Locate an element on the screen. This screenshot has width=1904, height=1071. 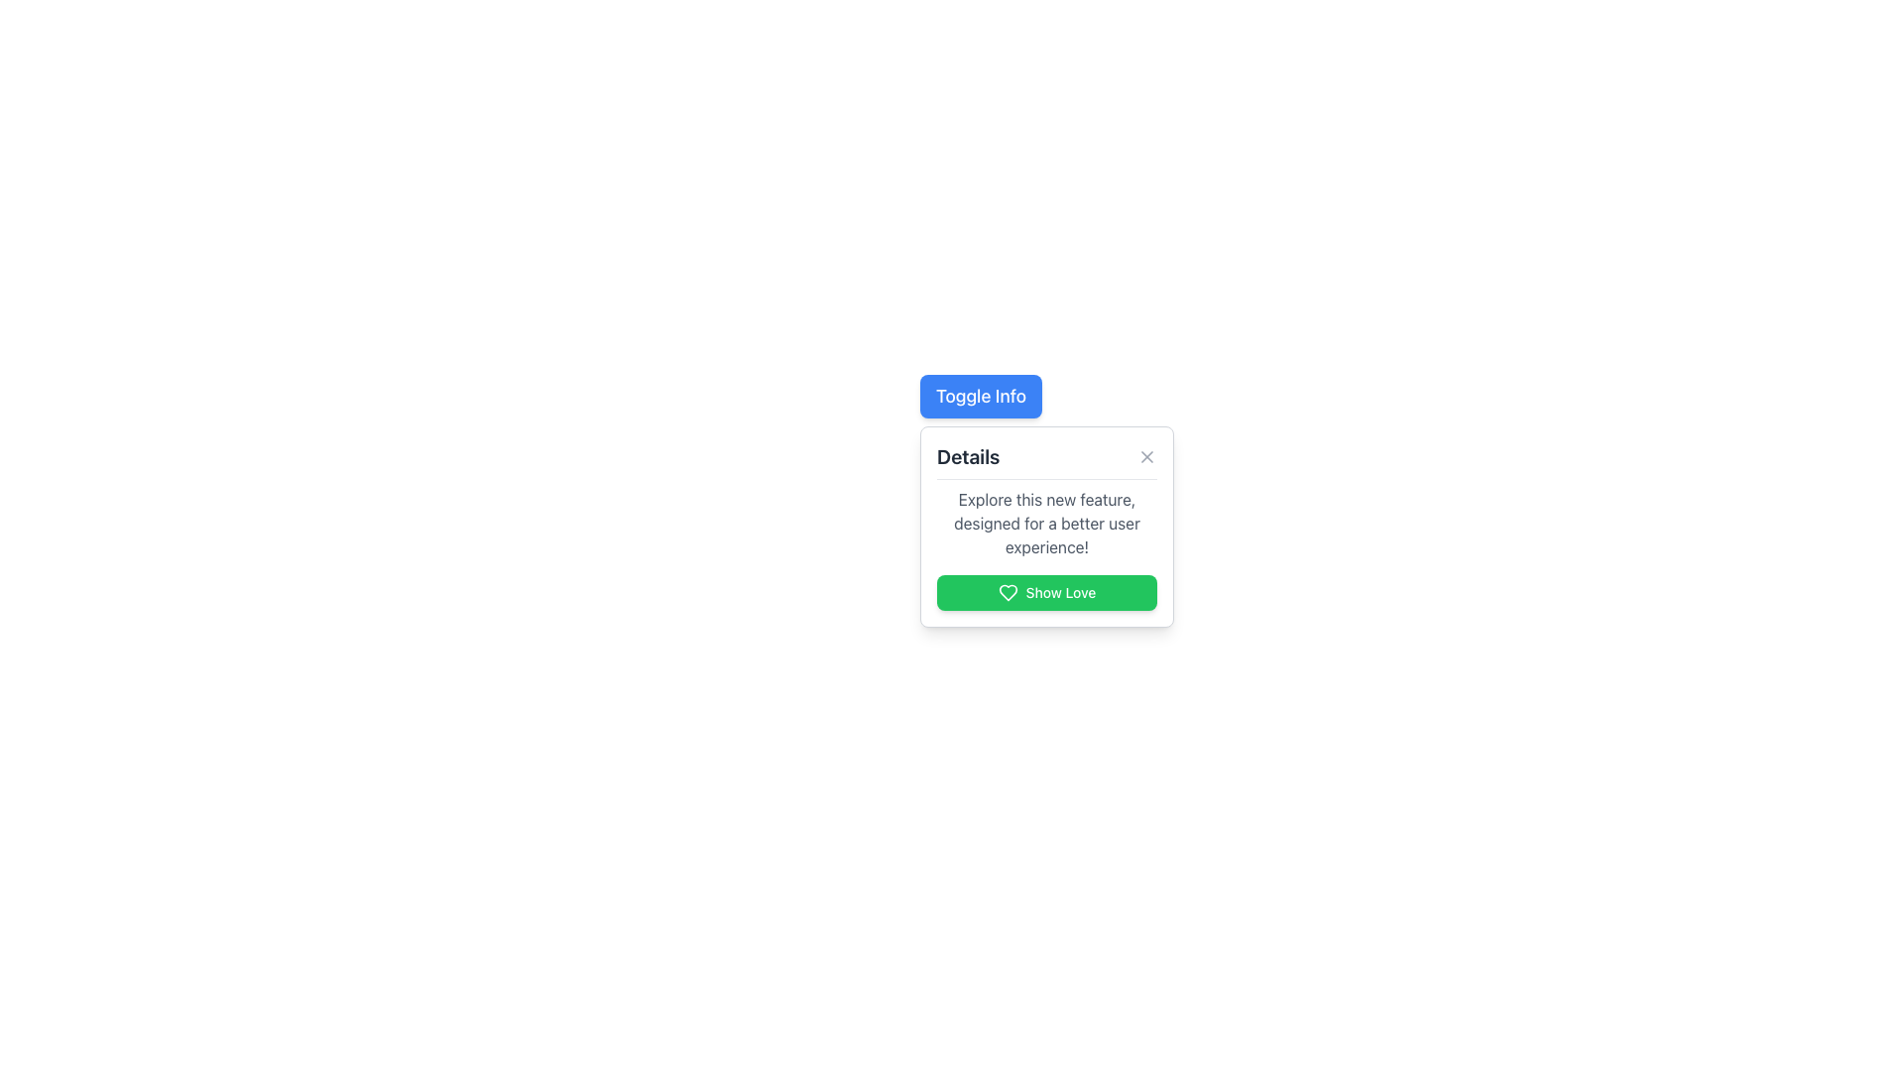
the close button located at the top-right corner of the 'Details' dialog box to trigger a potential visual response is located at coordinates (1146, 457).